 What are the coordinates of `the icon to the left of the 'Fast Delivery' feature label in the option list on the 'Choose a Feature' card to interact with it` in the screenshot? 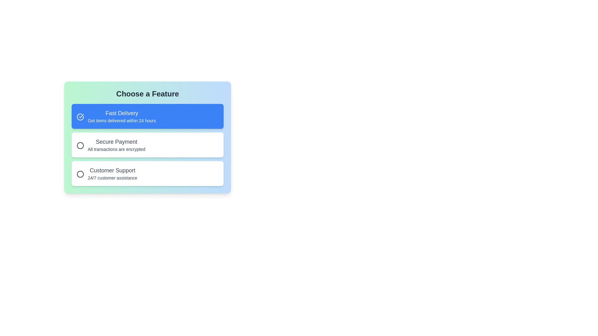 It's located at (80, 117).